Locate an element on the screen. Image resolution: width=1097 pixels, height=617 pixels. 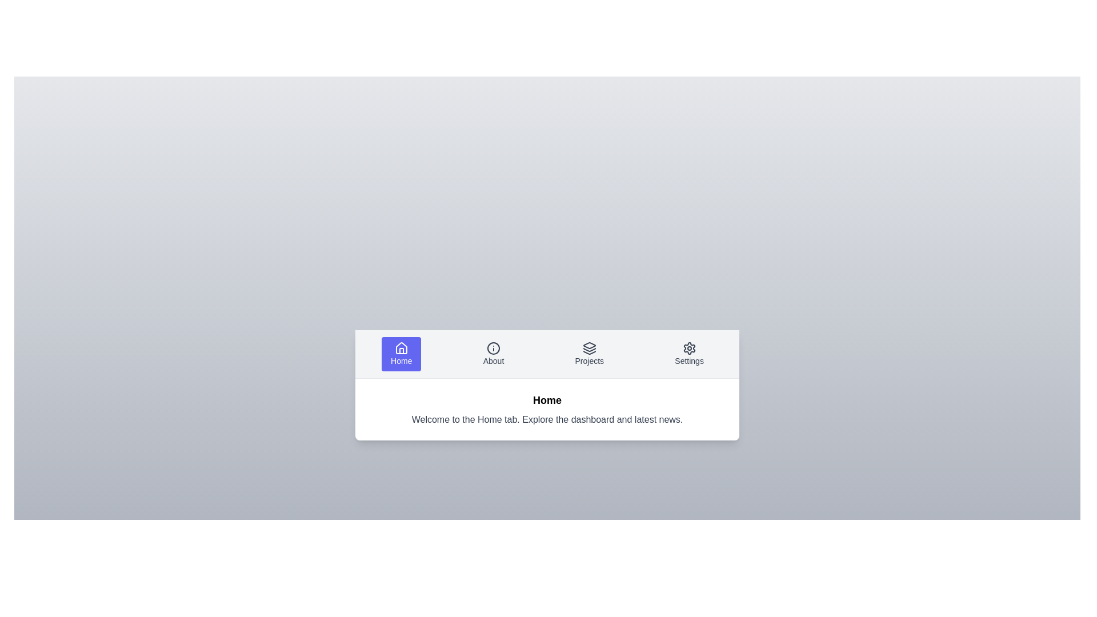
the tab labeled About to inspect its layout and content is located at coordinates (493, 352).